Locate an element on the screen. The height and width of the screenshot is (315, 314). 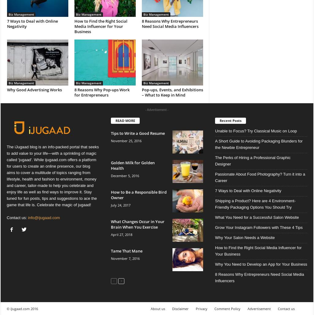
'July 24, 2017' is located at coordinates (121, 205).